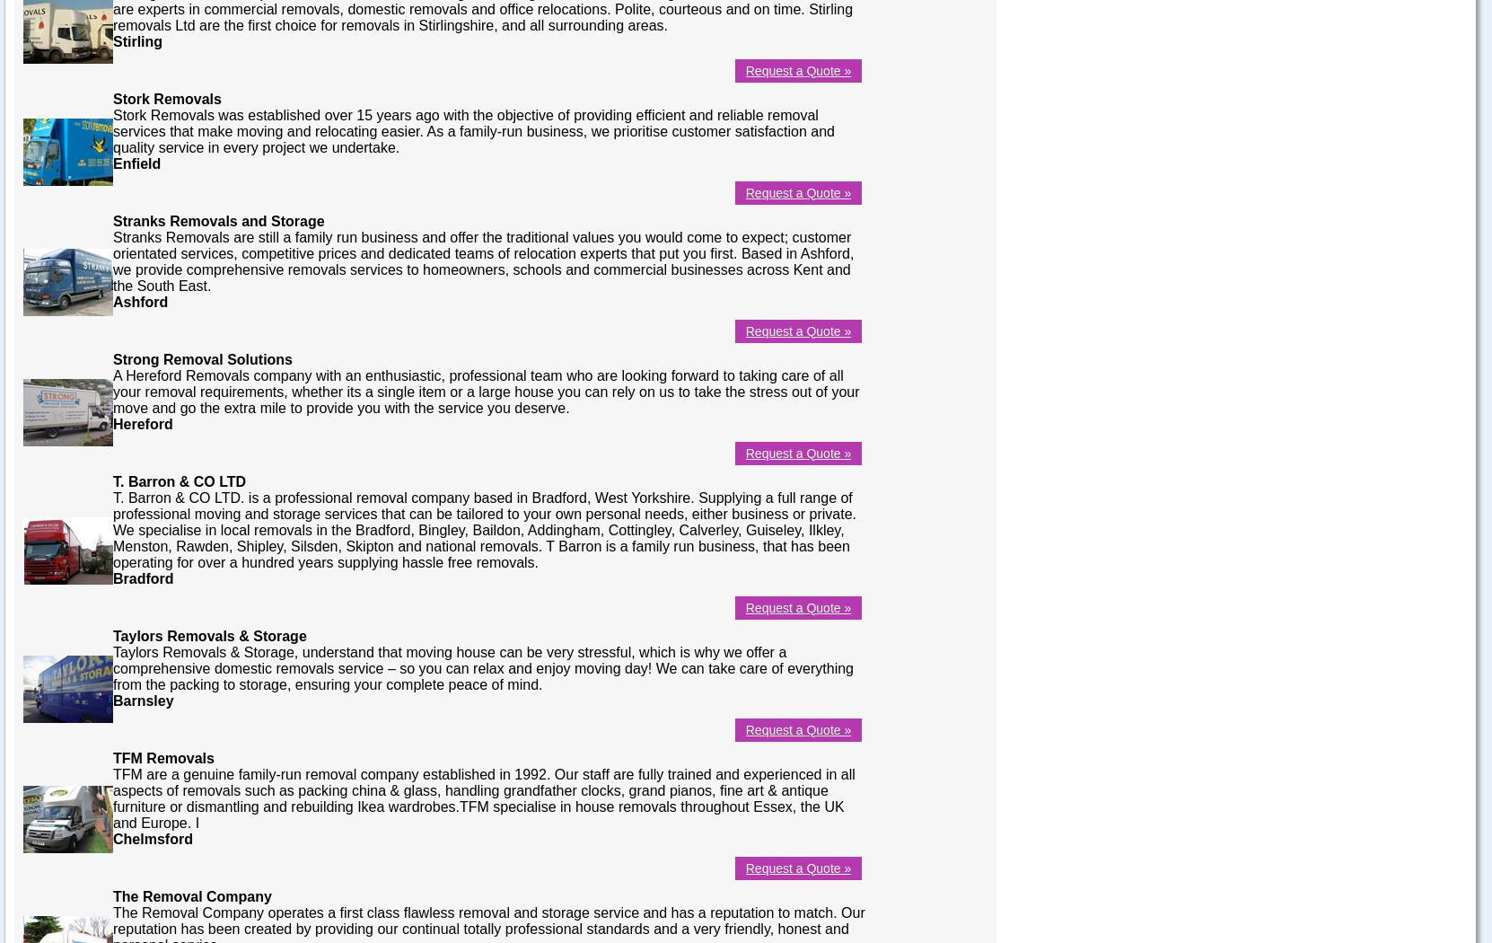  Describe the element at coordinates (112, 480) in the screenshot. I see `'T. Barron & CO LTD'` at that location.